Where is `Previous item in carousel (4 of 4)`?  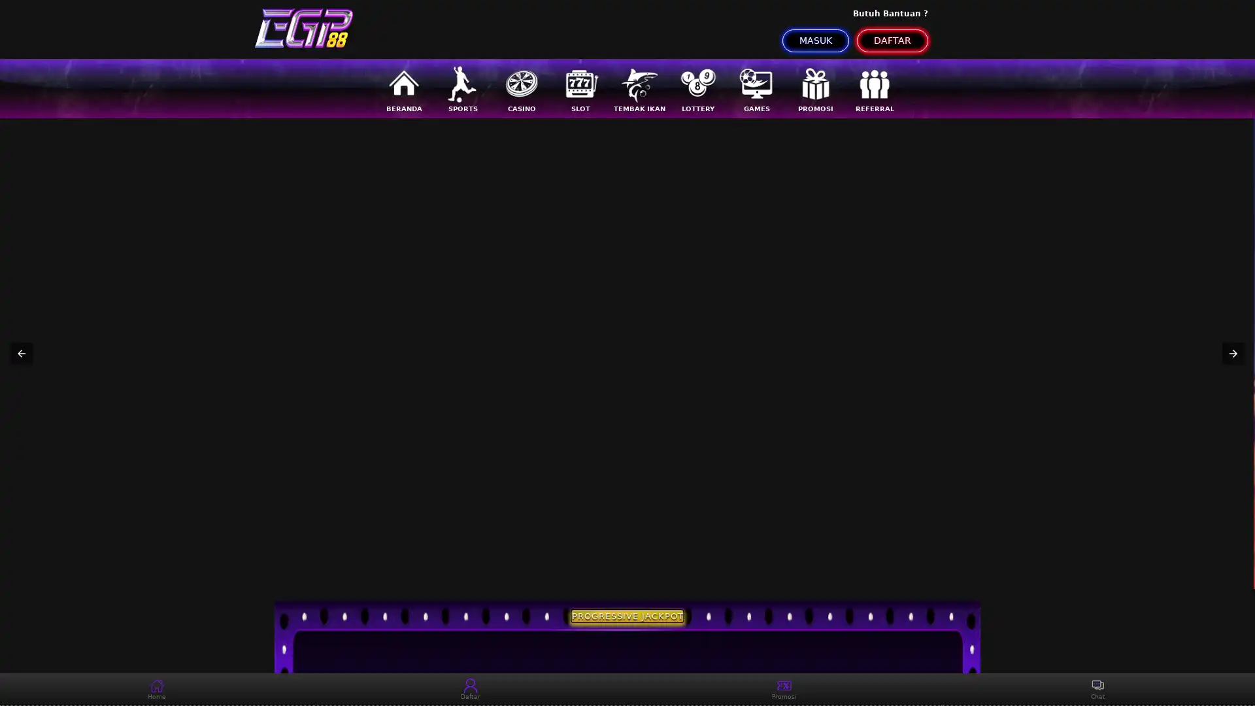 Previous item in carousel (4 of 4) is located at coordinates (22, 353).